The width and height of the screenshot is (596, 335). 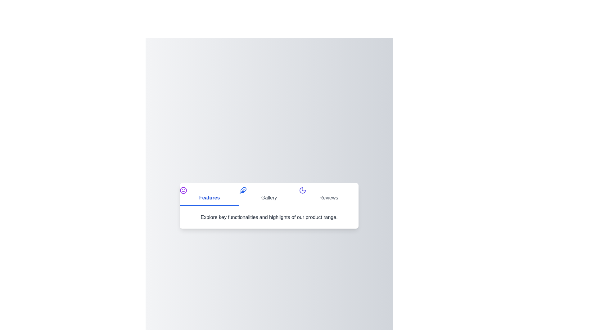 I want to click on the 'Reviews' tab button to switch to the Reviews tab, so click(x=328, y=194).